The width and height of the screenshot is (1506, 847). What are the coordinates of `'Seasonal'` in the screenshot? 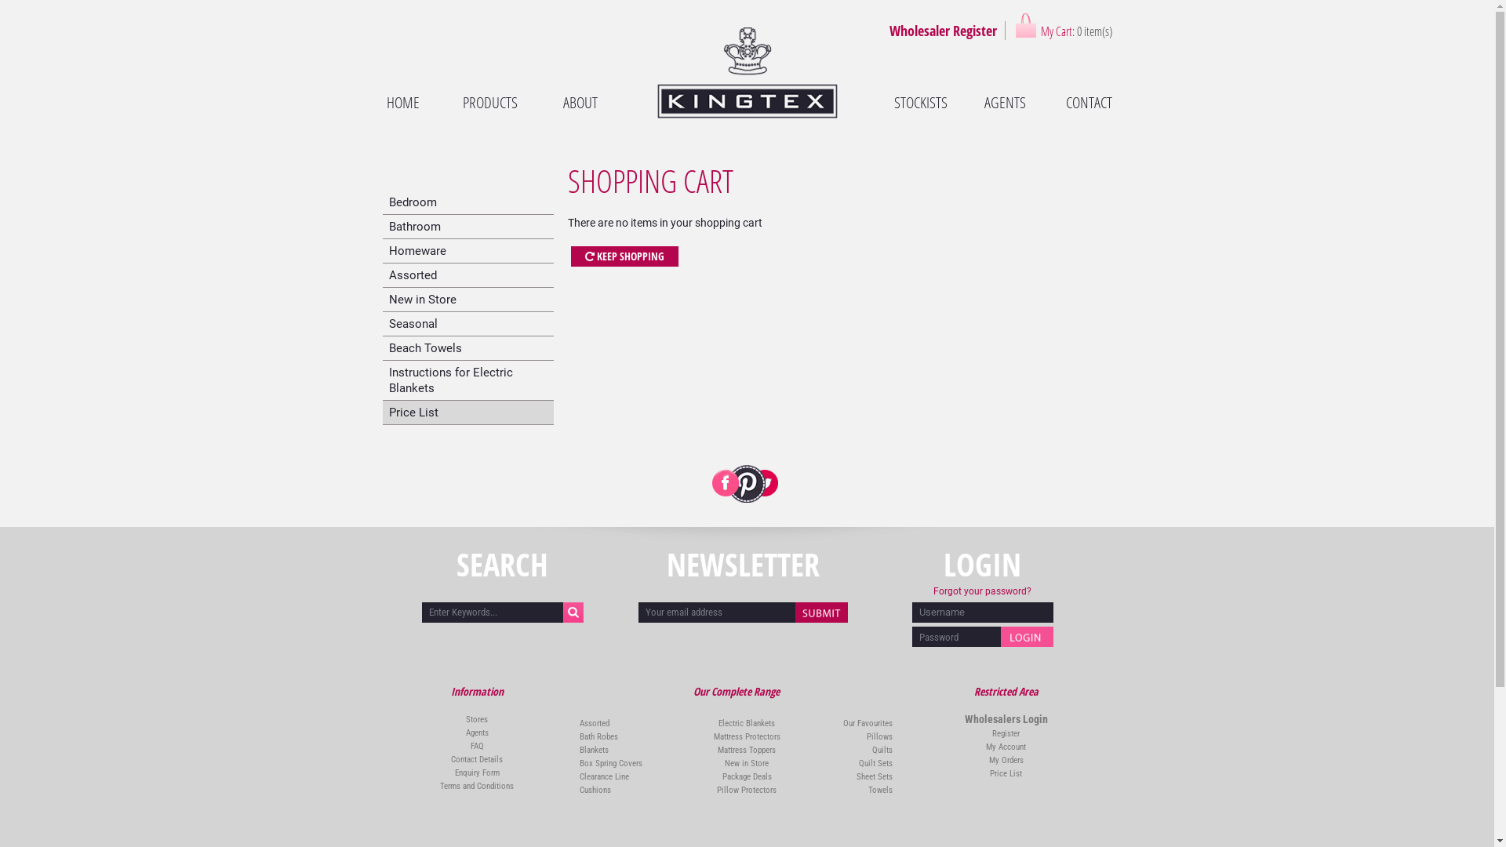 It's located at (467, 322).